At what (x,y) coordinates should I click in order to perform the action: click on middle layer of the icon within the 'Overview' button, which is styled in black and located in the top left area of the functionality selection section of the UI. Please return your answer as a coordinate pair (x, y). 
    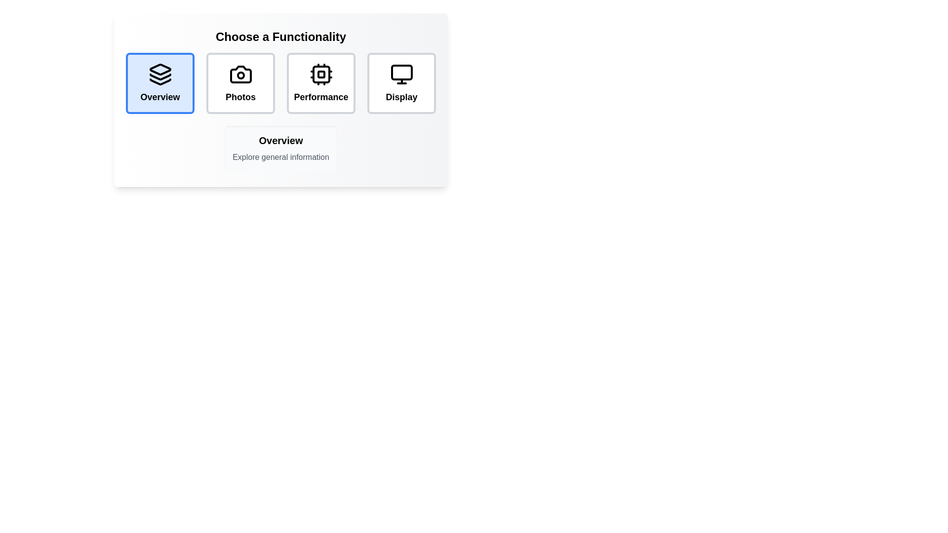
    Looking at the image, I should click on (160, 76).